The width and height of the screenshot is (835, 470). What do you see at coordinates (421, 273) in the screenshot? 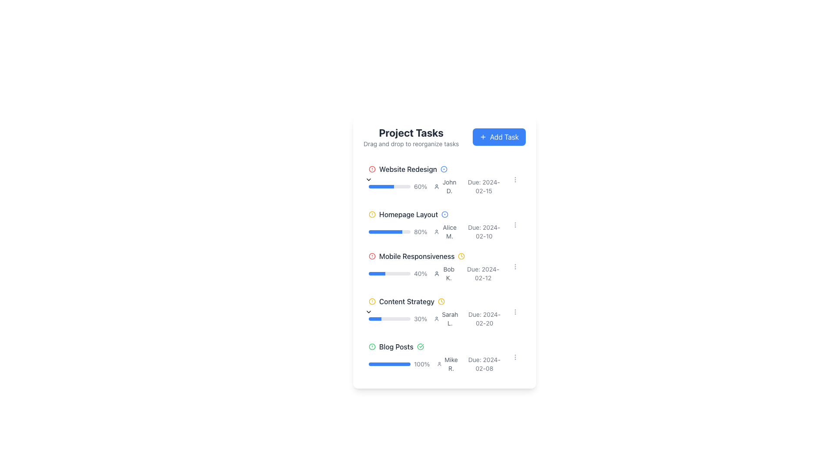
I see `the Text label displaying the progress percentage for the task 'Mobile Responsiveness', located to the right of its associated progress bar` at bounding box center [421, 273].